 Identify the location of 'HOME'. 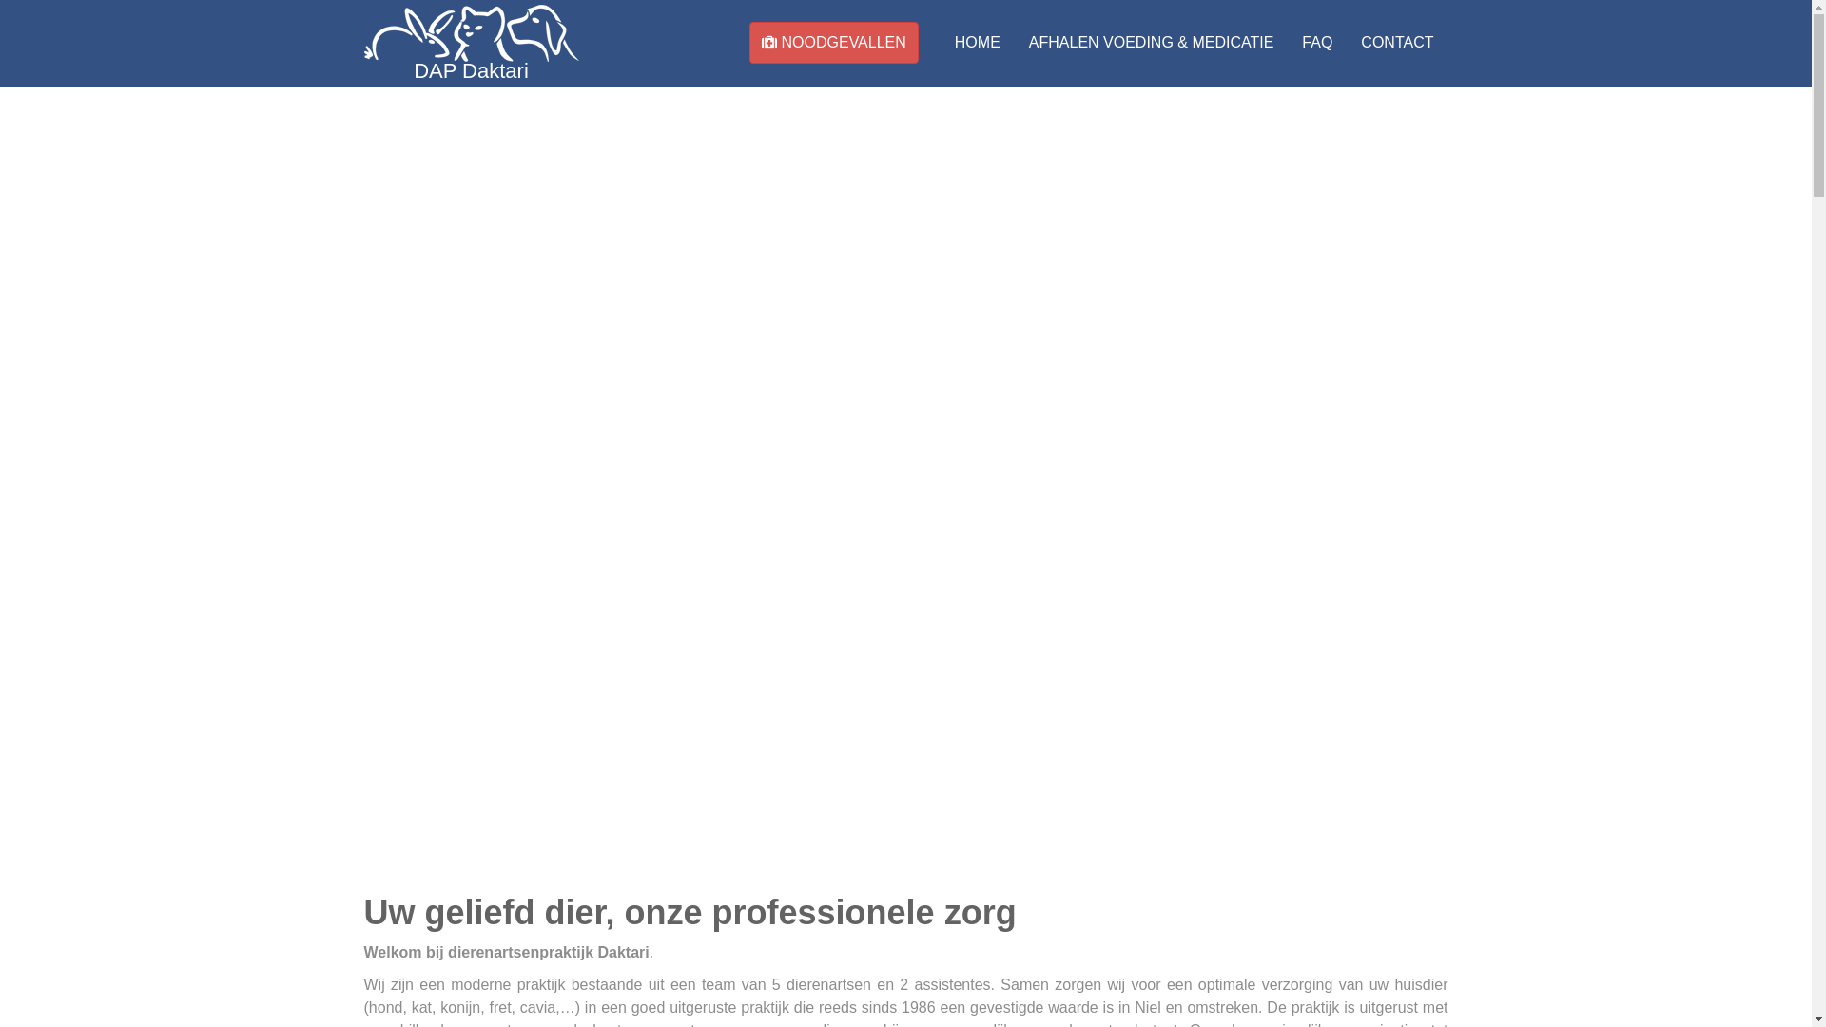
(977, 43).